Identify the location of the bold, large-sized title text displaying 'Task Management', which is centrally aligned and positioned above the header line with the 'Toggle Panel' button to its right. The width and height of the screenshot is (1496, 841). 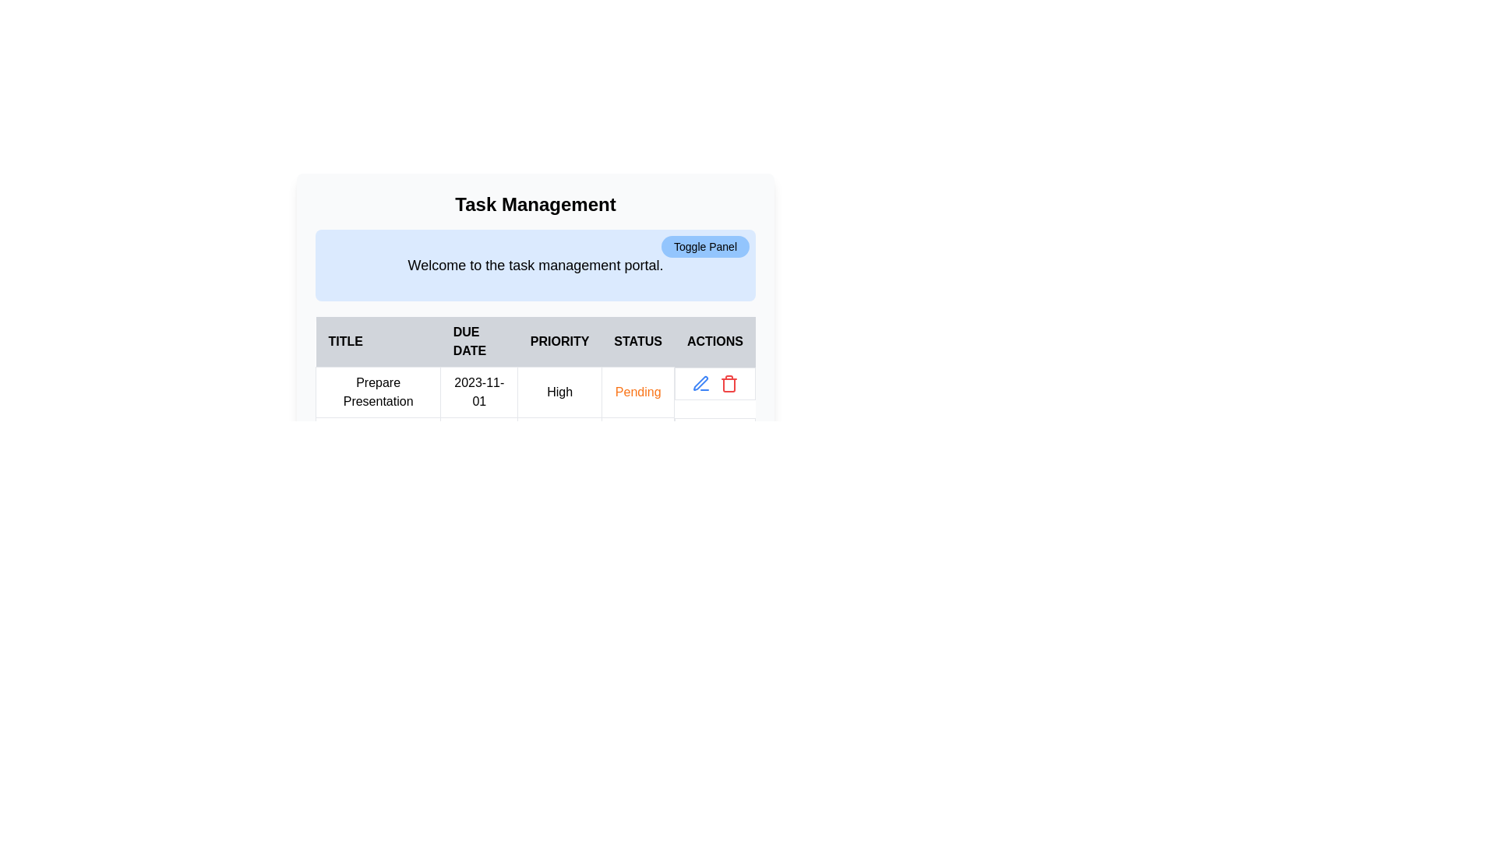
(535, 203).